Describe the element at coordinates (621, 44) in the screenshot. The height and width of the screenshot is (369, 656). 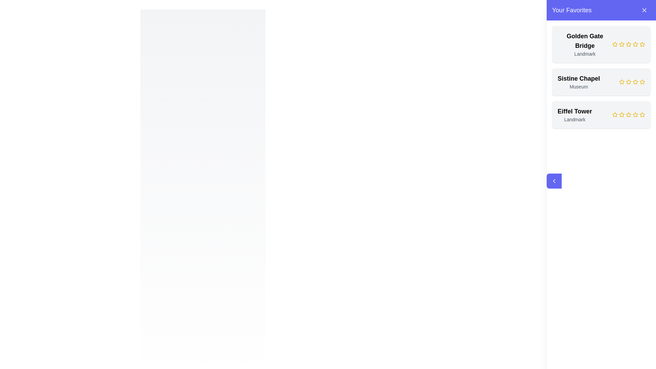
I see `the first star in the row of five stars under the title 'Golden Gate Bridge' in the 'Your Favorites' section` at that location.